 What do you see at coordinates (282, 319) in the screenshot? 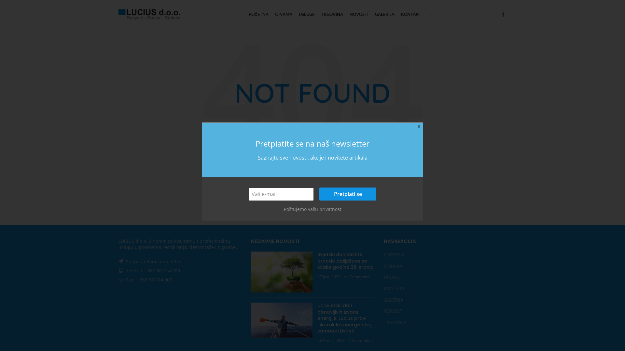
I see `'Man worker in the firld by the solar panels'` at bounding box center [282, 319].